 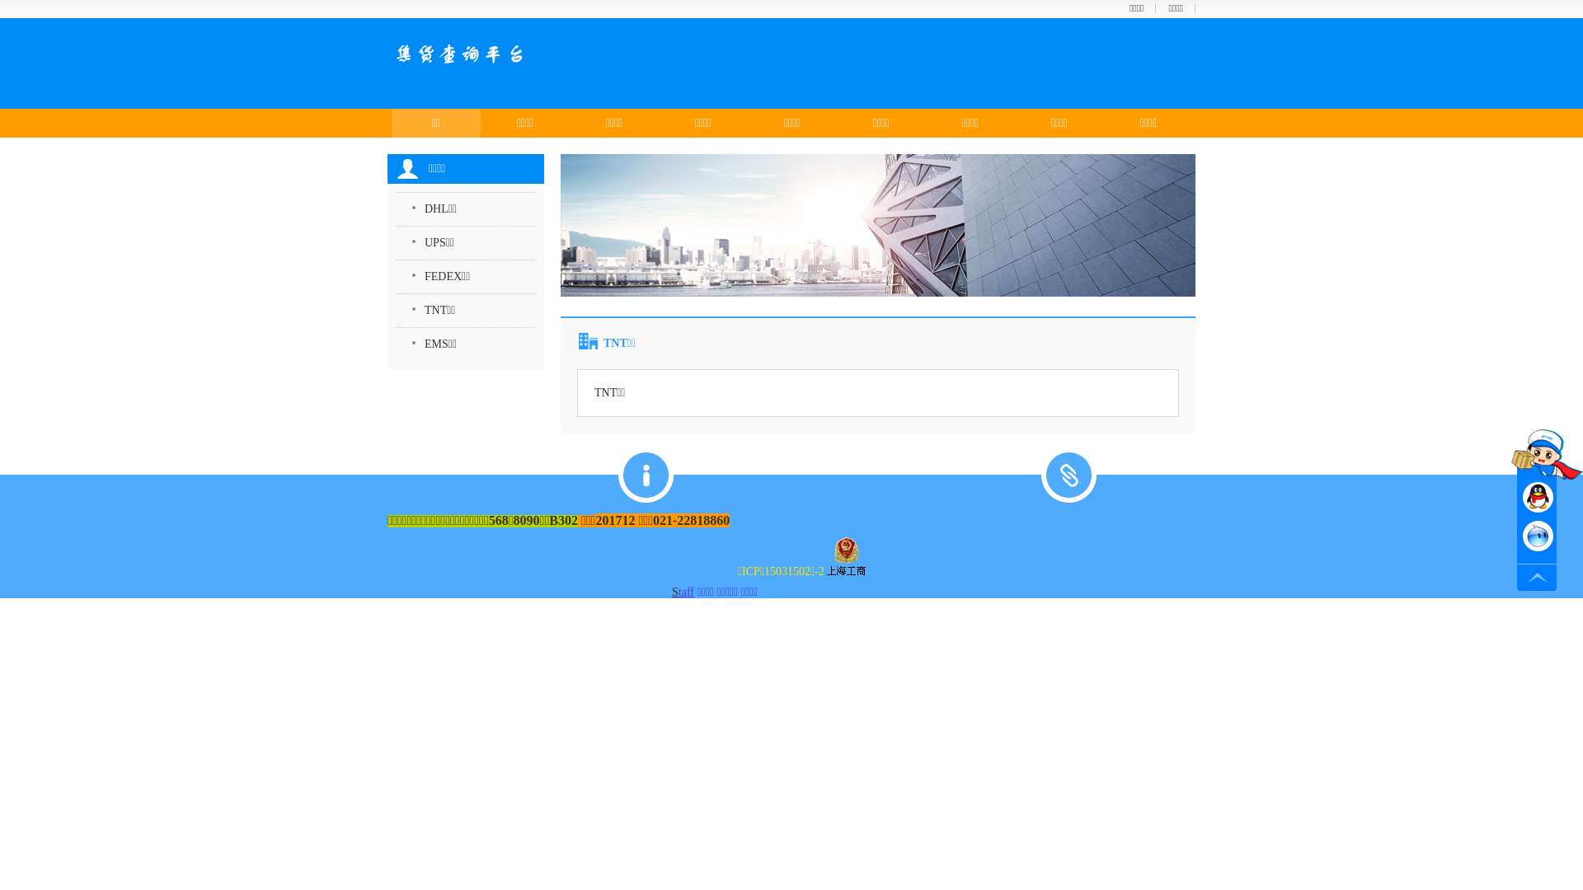 I want to click on 'taff', so click(x=686, y=591).